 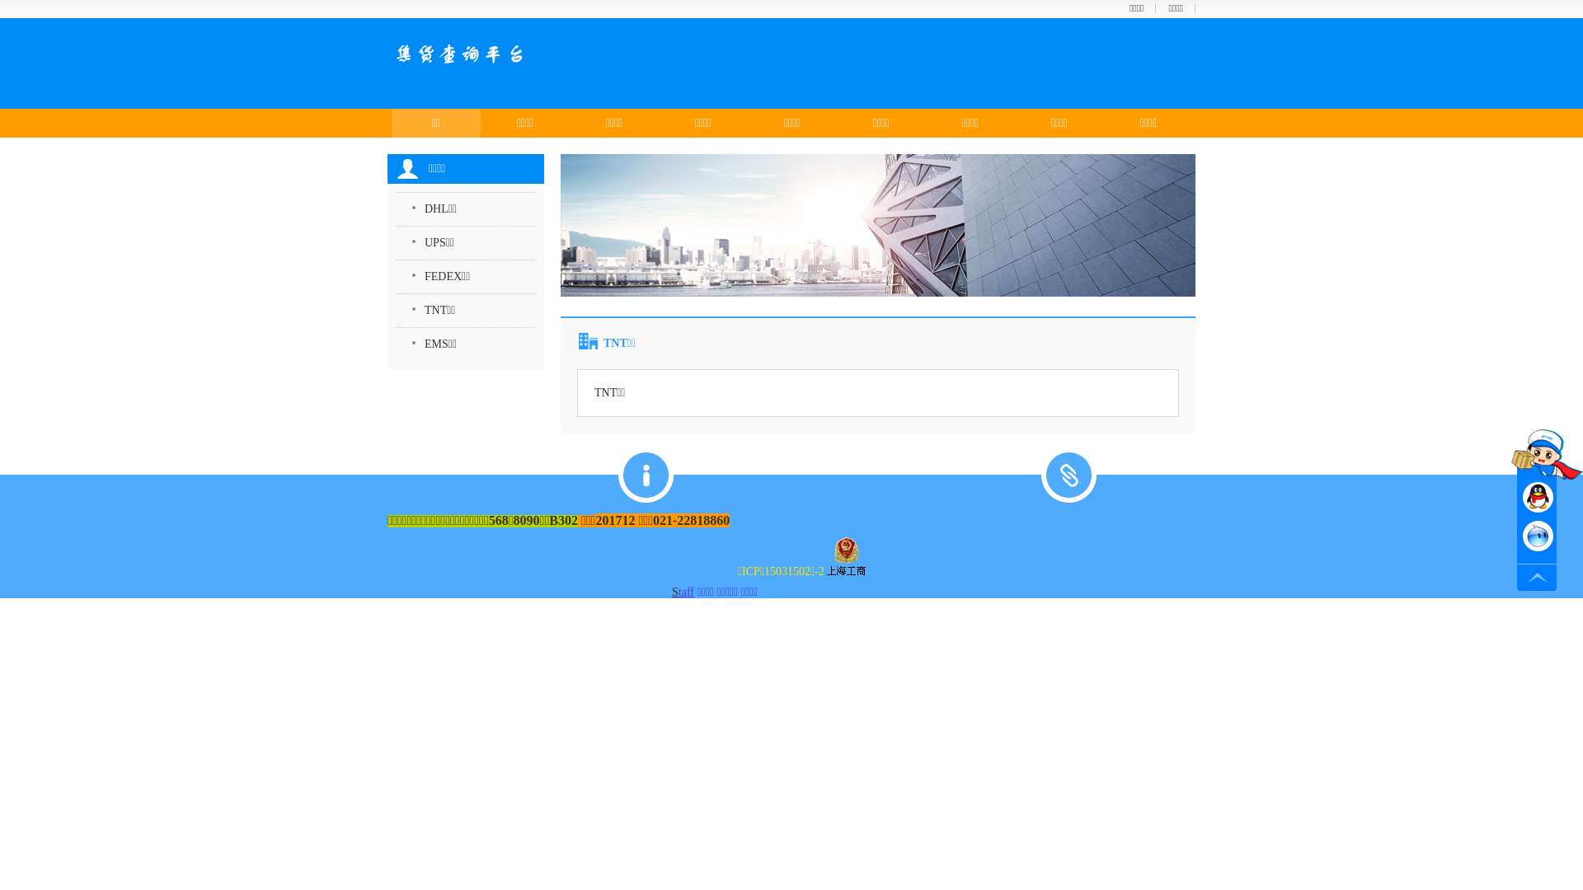 I want to click on 'taff', so click(x=686, y=591).